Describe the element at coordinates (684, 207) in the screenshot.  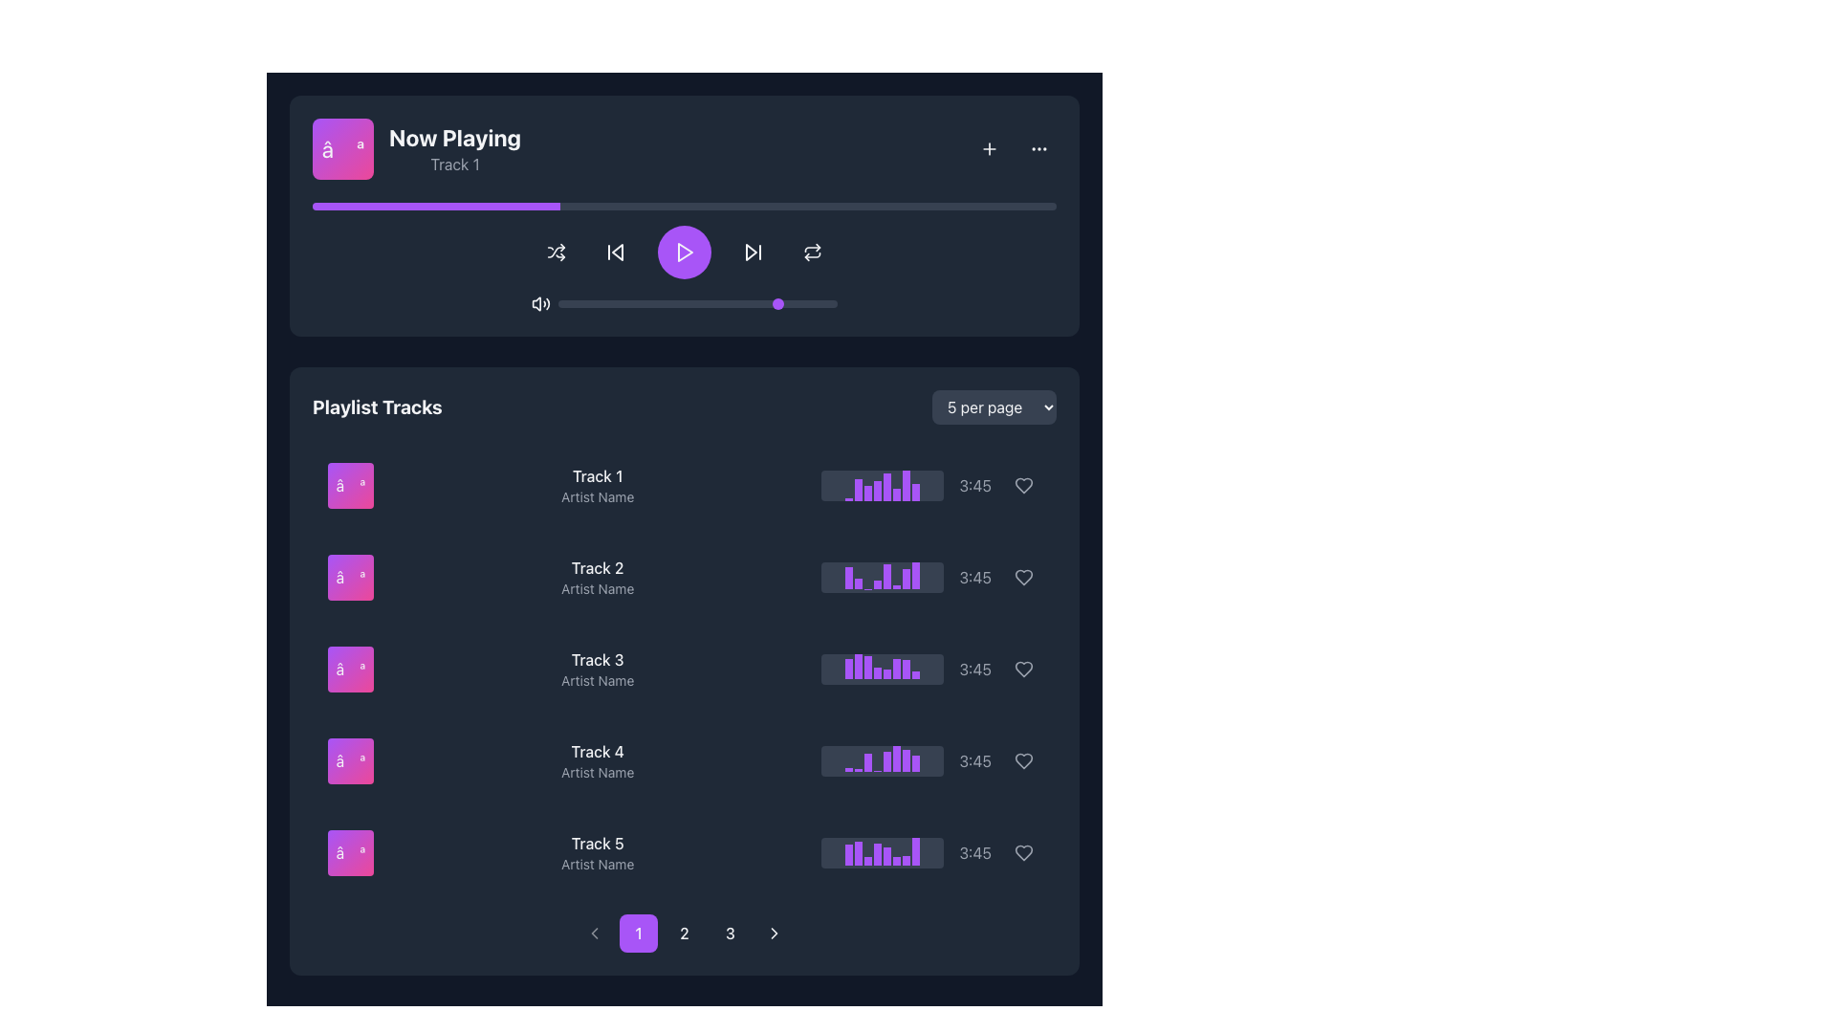
I see `the progress bar located slightly below the title 'Now Playing' by clicking to change progress` at that location.